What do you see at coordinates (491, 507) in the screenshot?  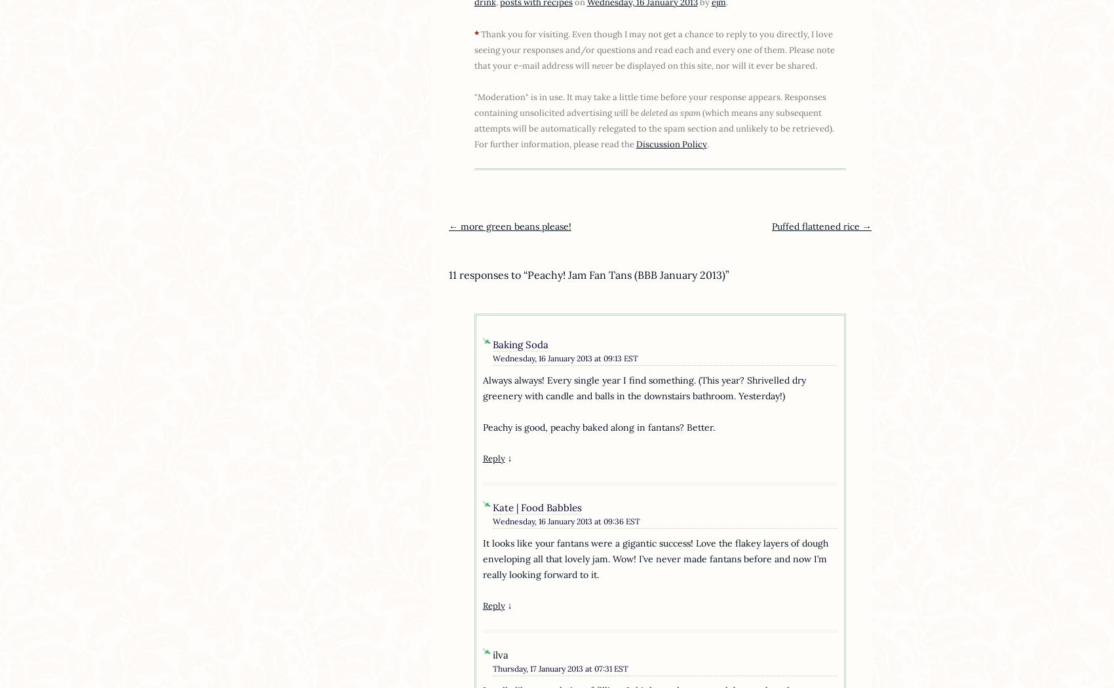 I see `'Kate | Food Babbles'` at bounding box center [491, 507].